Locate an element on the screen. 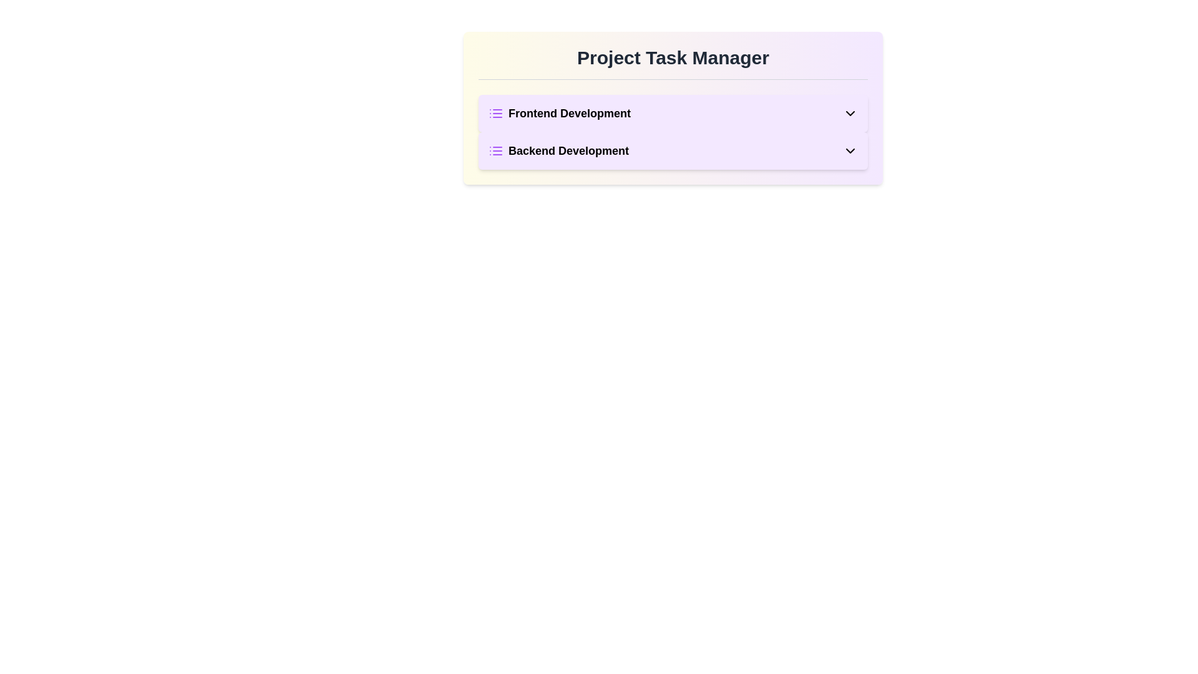  the header text 'Project Task Manager' by clicking on its center is located at coordinates (673, 63).